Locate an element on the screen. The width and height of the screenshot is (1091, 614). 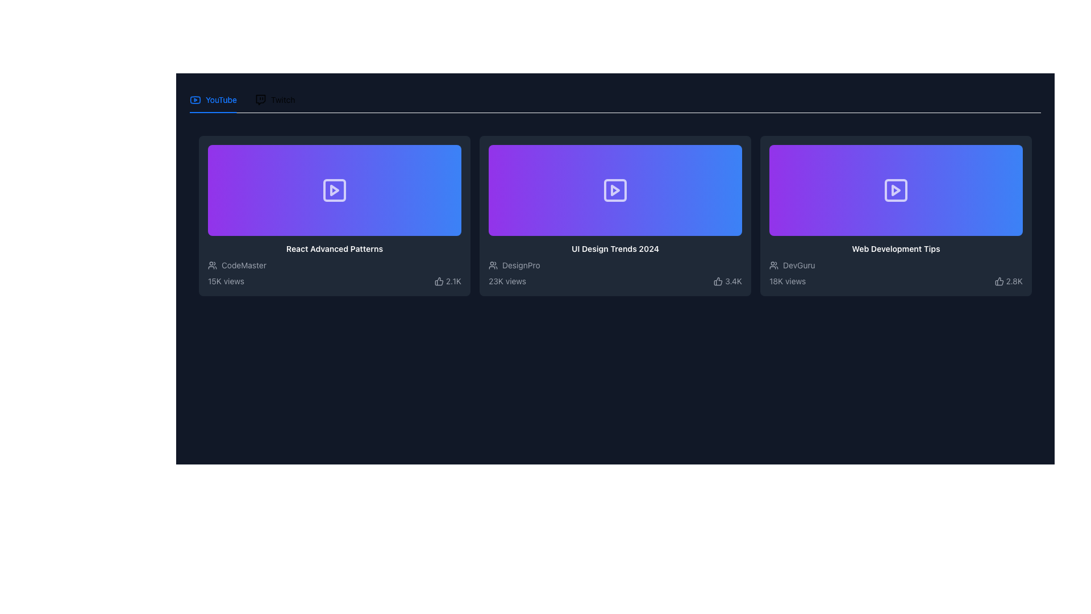
the 'play' button icon represented as a triangular play symbol within a rounded square frame, located centrally within the card labeled 'Web Development Tips' is located at coordinates (896, 190).